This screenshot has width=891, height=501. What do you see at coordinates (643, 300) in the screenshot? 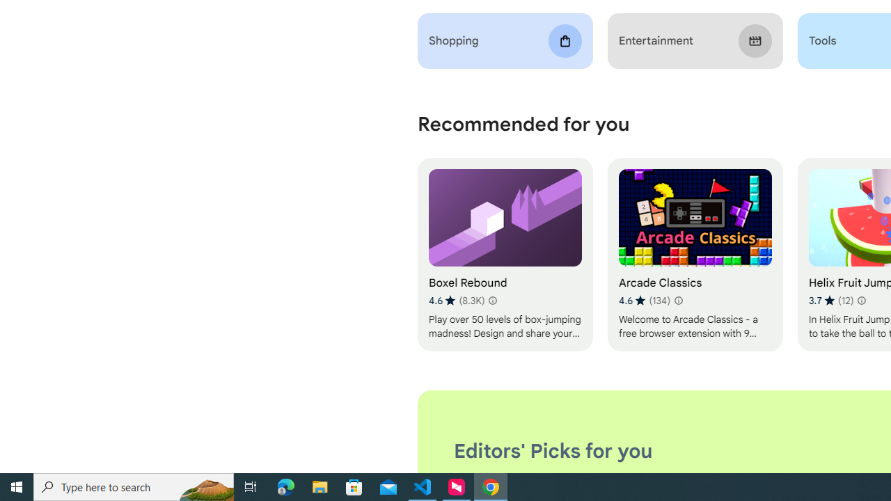
I see `'Average rating 4.6 out of 5 stars. 134 ratings.'` at bounding box center [643, 300].